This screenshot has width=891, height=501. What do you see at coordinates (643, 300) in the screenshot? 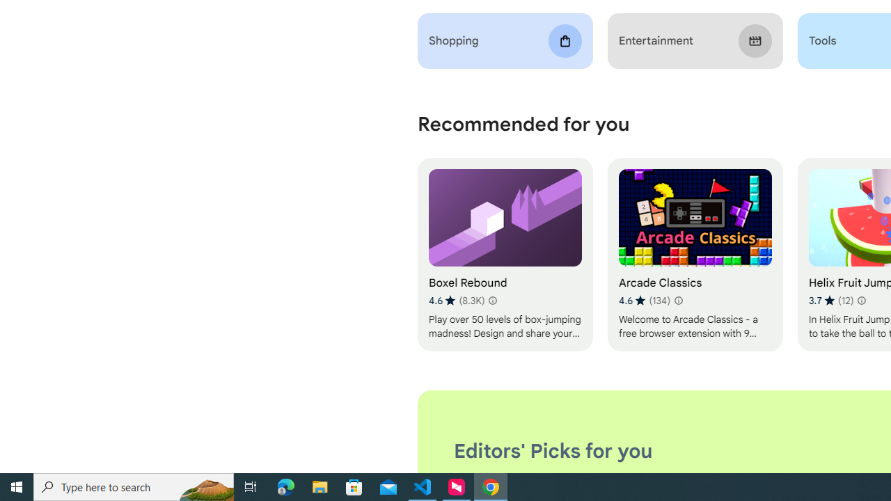
I see `'Average rating 4.6 out of 5 stars. 134 ratings.'` at bounding box center [643, 300].